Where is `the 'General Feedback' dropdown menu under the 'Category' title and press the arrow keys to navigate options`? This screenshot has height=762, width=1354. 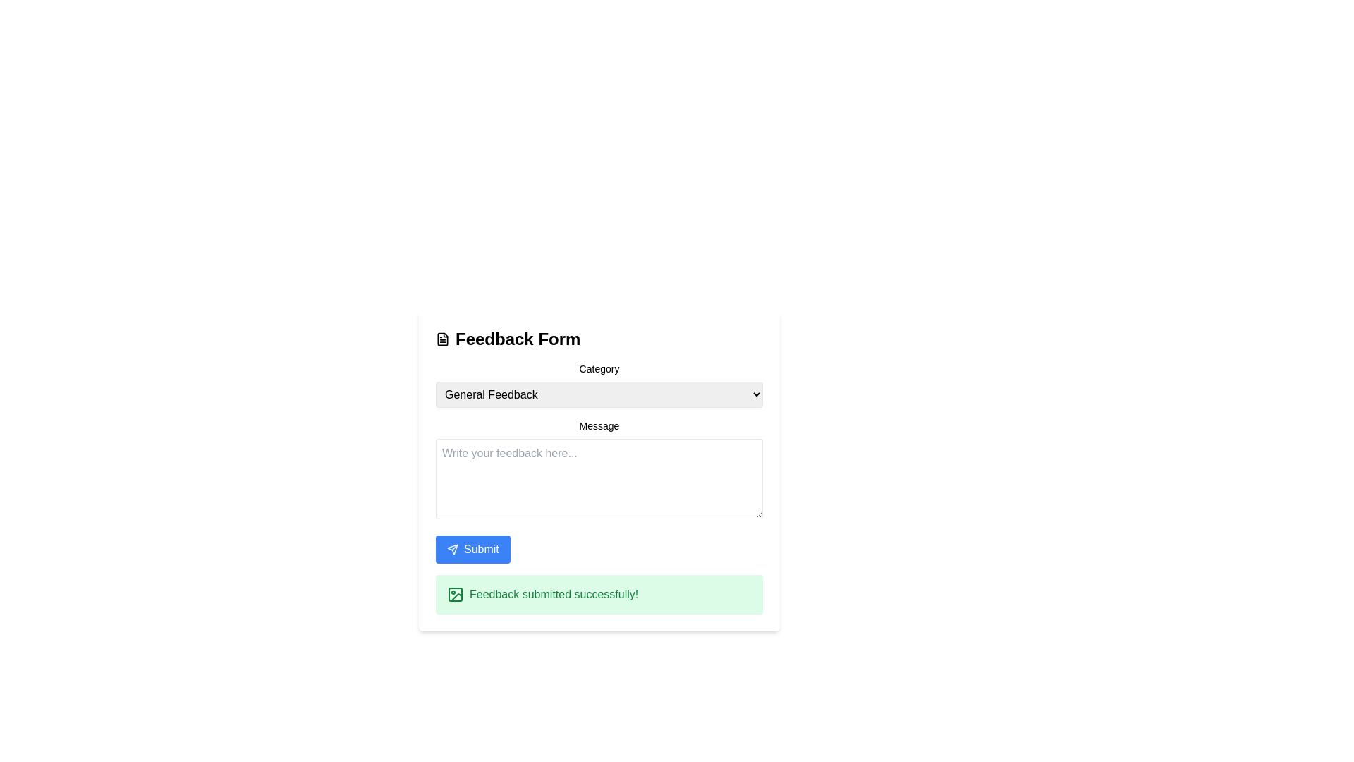
the 'General Feedback' dropdown menu under the 'Category' title and press the arrow keys to navigate options is located at coordinates (599, 384).